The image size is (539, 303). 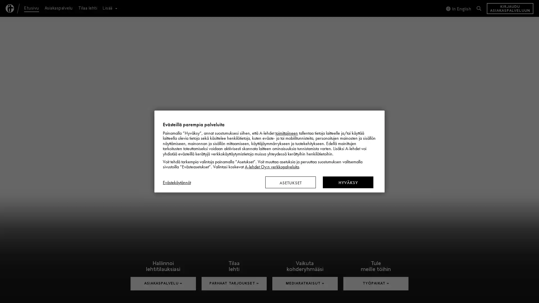 What do you see at coordinates (348, 182) in the screenshot?
I see `HYVAKSY` at bounding box center [348, 182].